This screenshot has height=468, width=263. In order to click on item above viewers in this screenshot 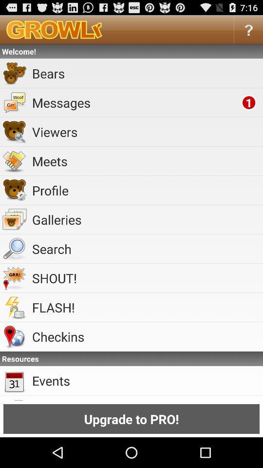, I will do `click(134, 102)`.